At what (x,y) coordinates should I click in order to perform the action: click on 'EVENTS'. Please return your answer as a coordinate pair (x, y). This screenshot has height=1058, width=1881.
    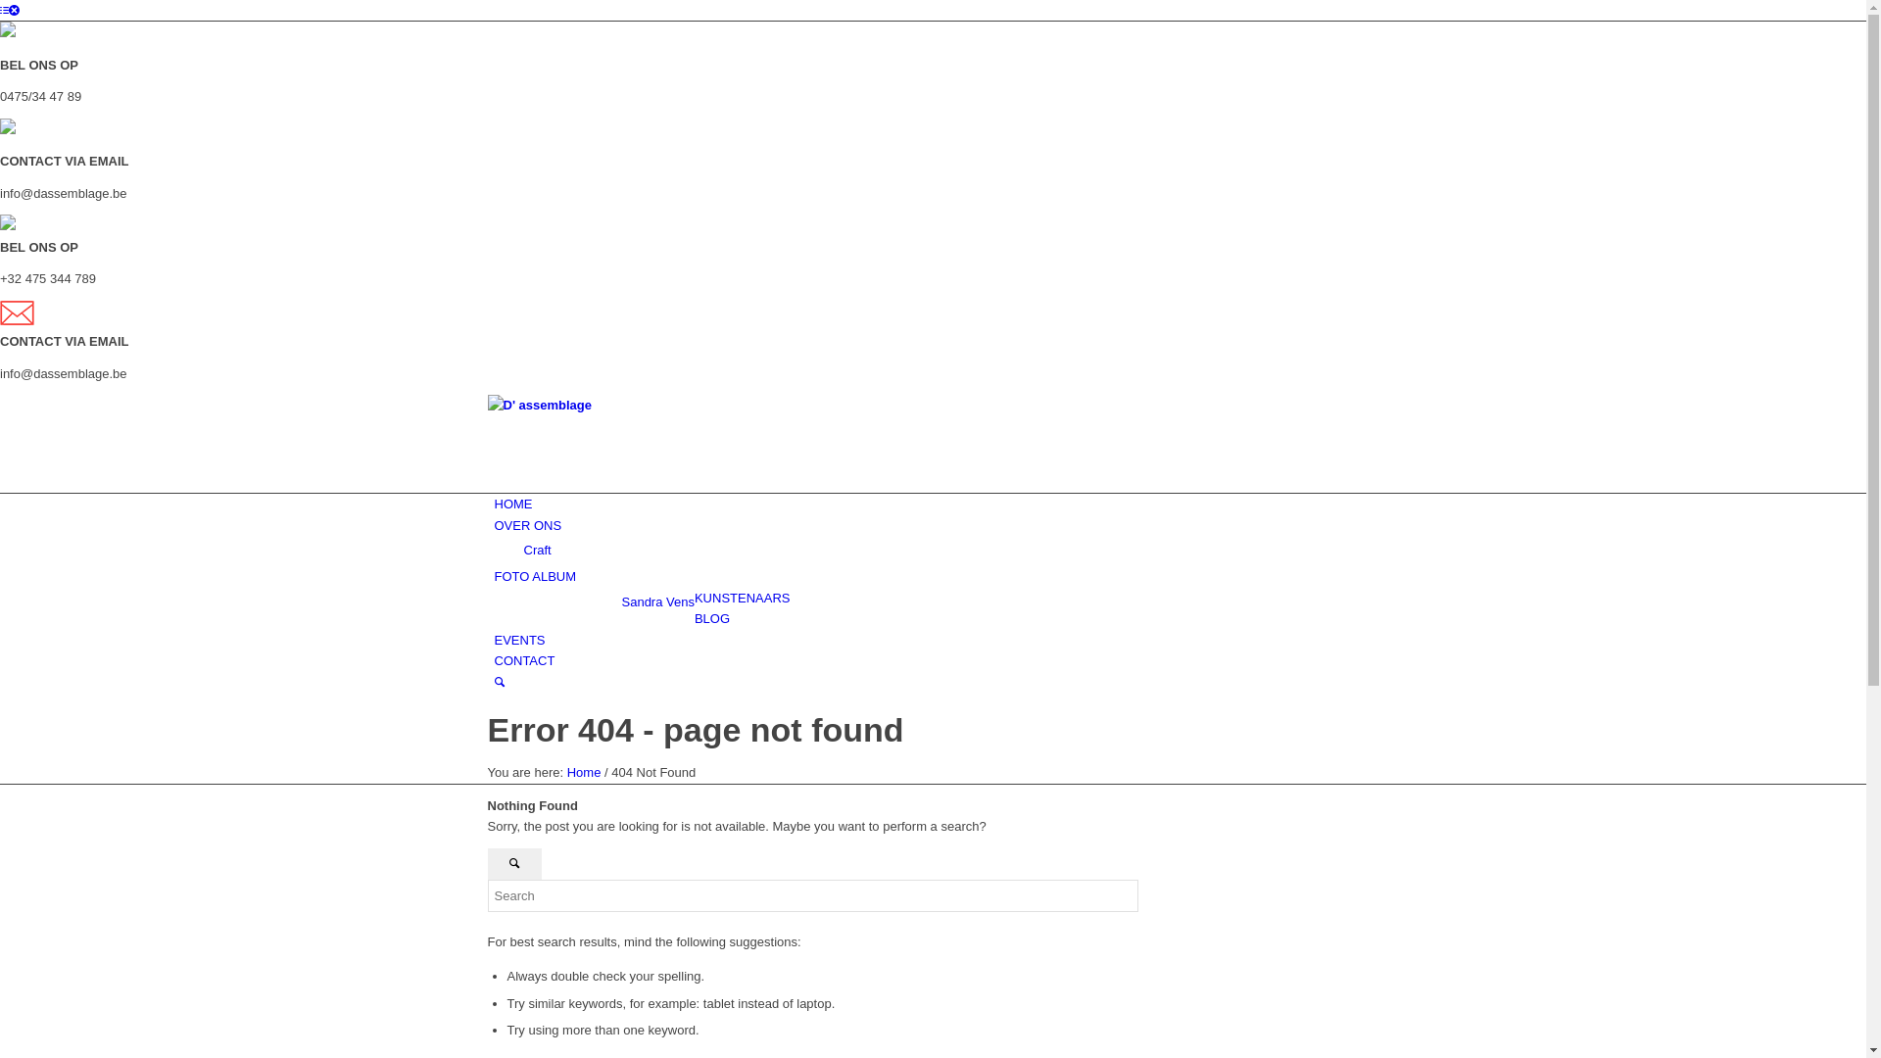
    Looking at the image, I should click on (518, 640).